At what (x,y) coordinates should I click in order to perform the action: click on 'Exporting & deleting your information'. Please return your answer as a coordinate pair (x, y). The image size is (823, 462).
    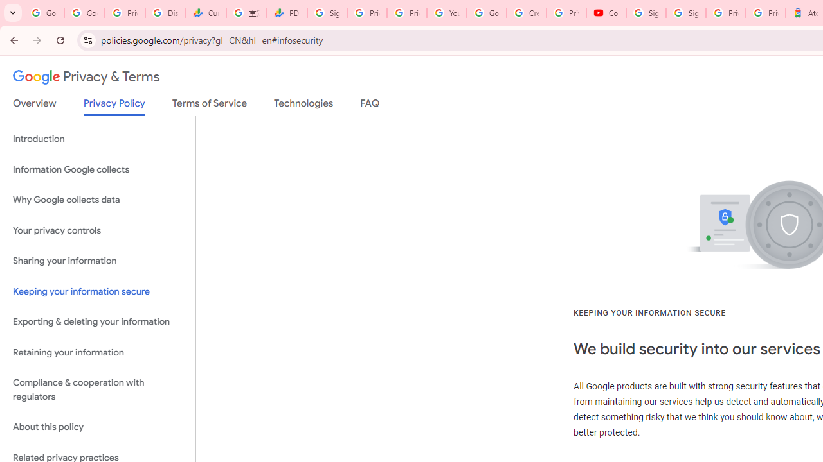
    Looking at the image, I should click on (97, 321).